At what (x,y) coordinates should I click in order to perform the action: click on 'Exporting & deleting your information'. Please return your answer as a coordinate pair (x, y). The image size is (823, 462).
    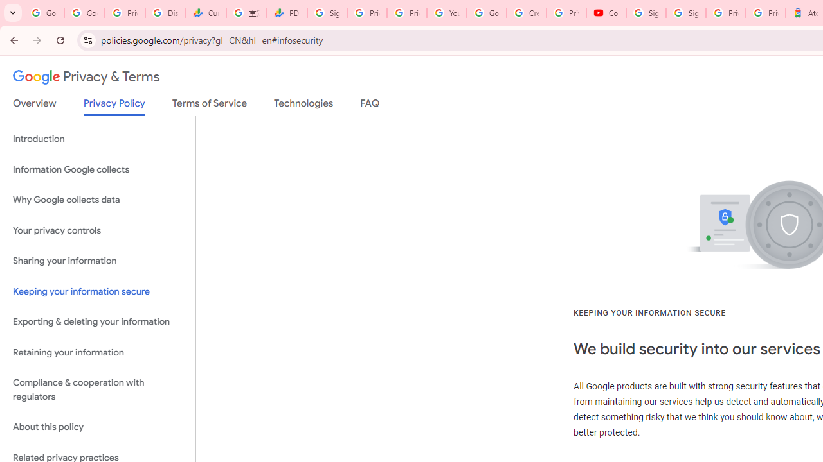
    Looking at the image, I should click on (97, 321).